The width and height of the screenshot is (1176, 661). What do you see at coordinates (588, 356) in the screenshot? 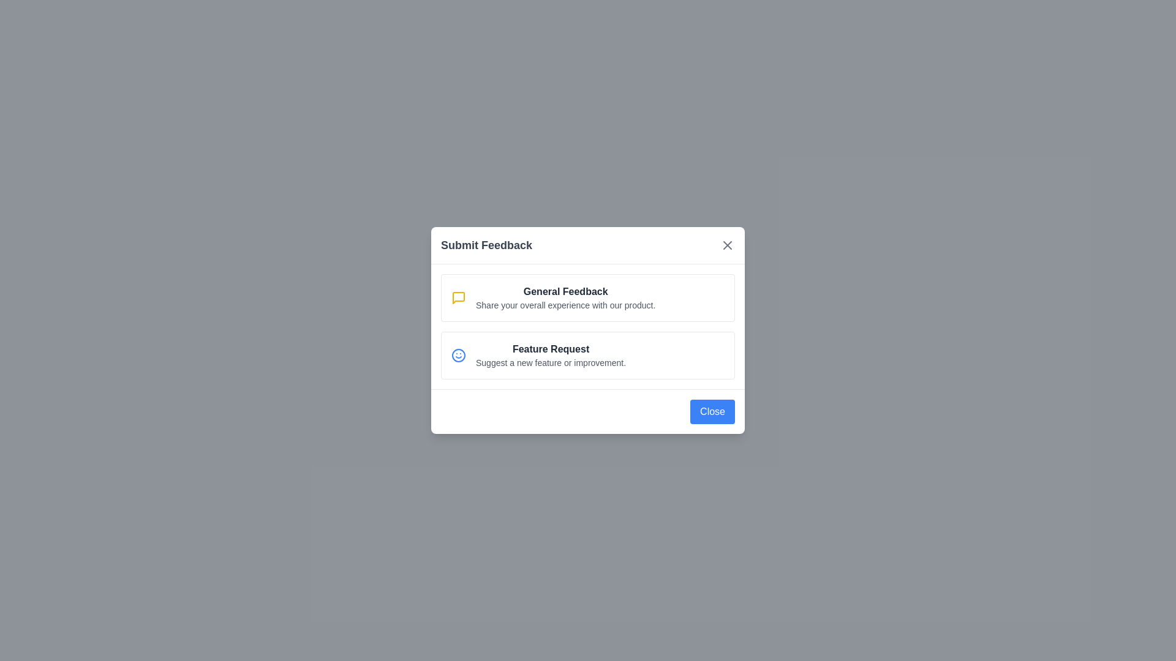
I see `the 'Feature Request' option` at bounding box center [588, 356].